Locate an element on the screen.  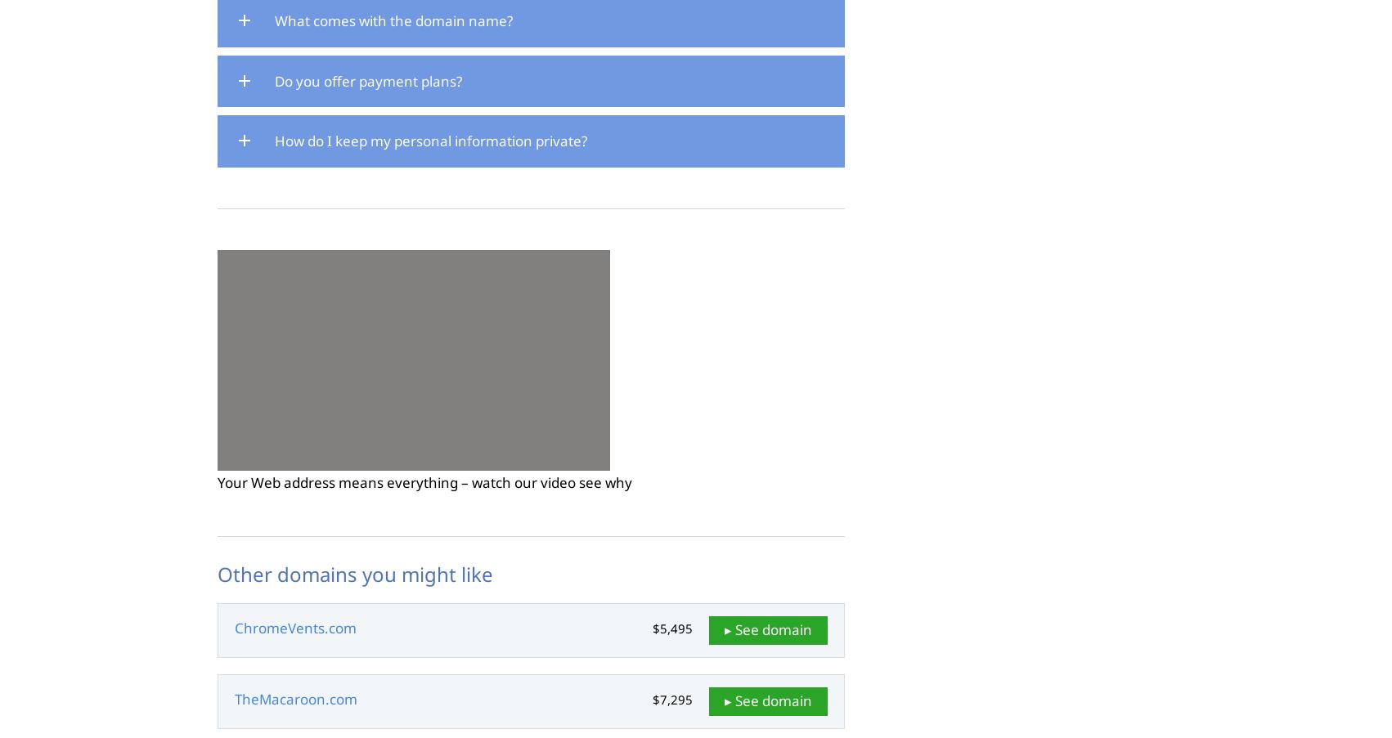
'Do you offer payment plans?' is located at coordinates (367, 80).